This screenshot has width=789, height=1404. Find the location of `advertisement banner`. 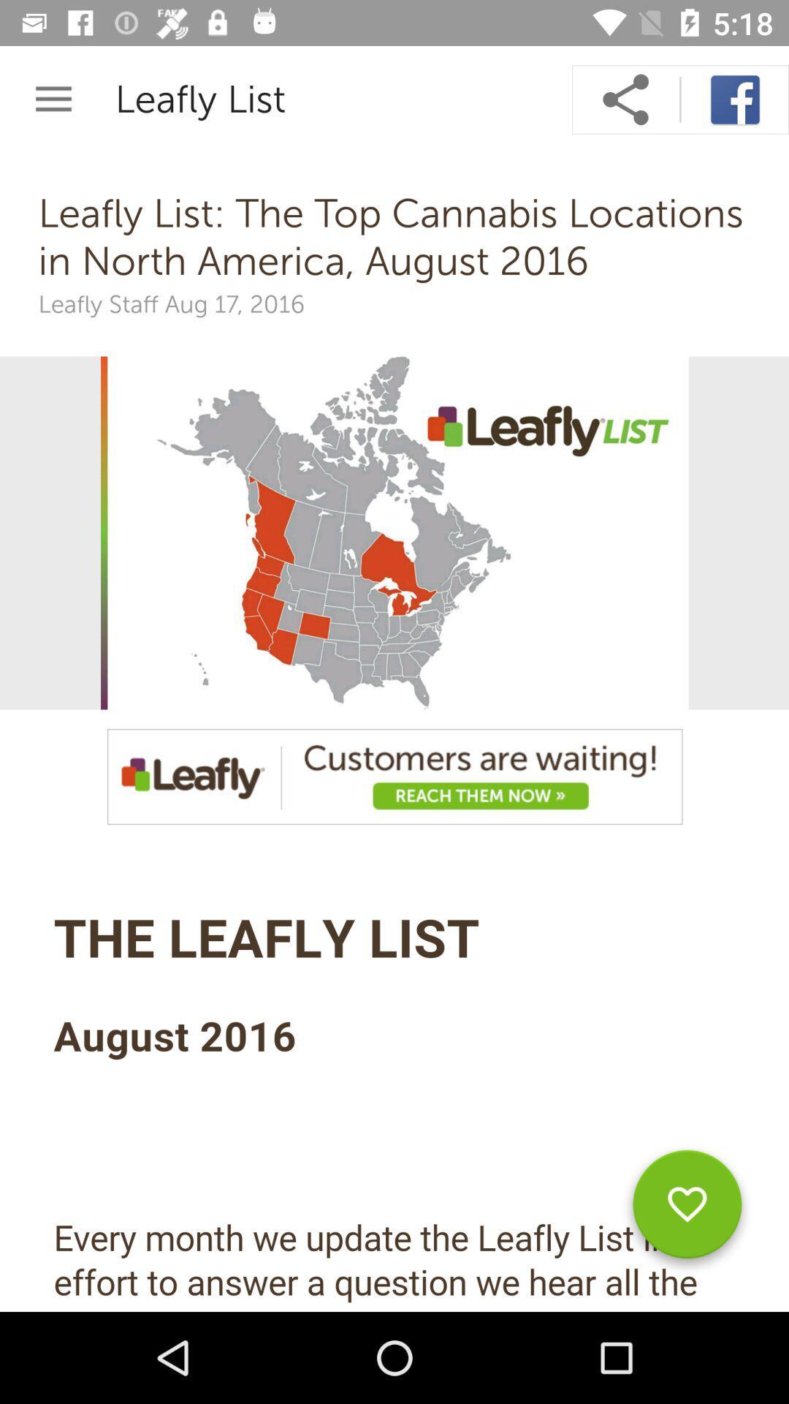

advertisement banner is located at coordinates (394, 776).